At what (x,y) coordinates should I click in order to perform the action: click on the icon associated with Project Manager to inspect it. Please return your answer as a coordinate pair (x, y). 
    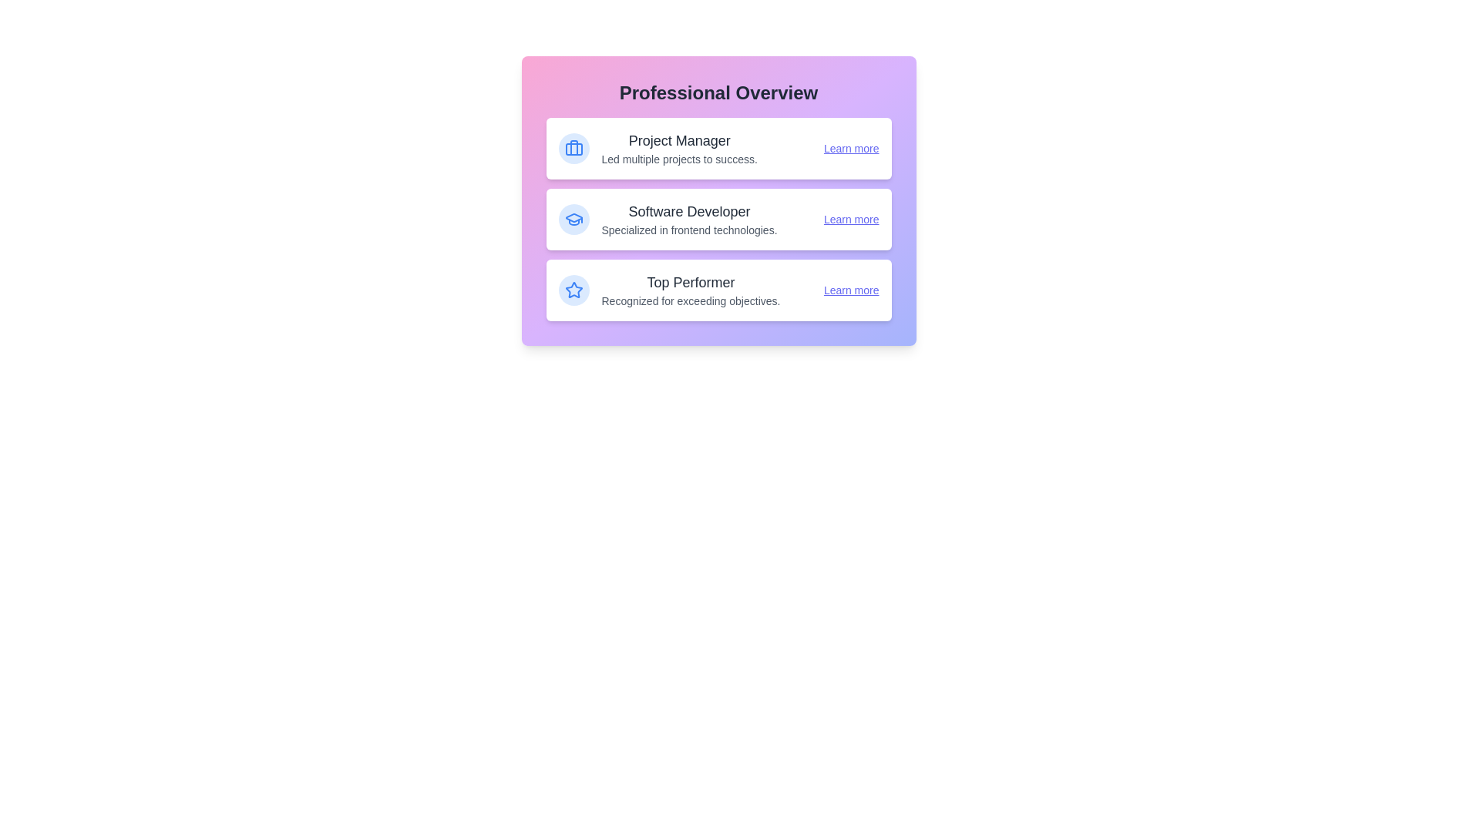
    Looking at the image, I should click on (573, 148).